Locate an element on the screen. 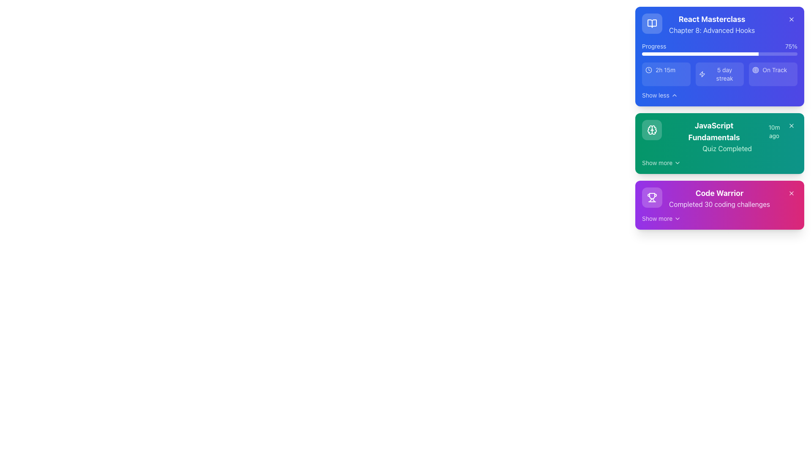  the progress is located at coordinates (680, 54).